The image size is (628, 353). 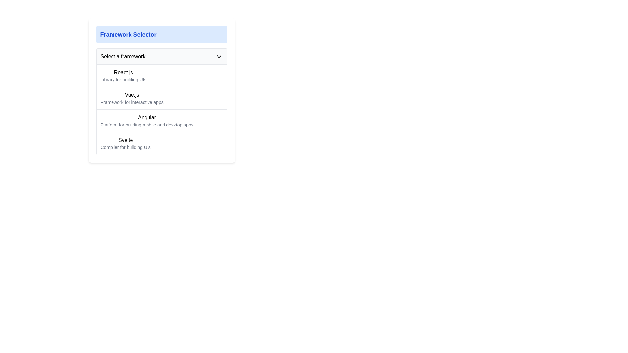 What do you see at coordinates (162, 98) in the screenshot?
I see `the 'Vue.js' option in the Dropdown menu titled 'Framework Selector'` at bounding box center [162, 98].